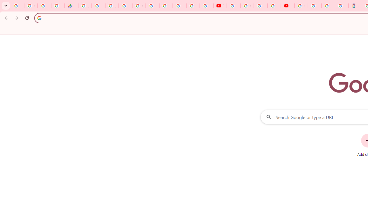 This screenshot has height=207, width=368. I want to click on 'Atour Hotel - Google hotels', so click(355, 6).